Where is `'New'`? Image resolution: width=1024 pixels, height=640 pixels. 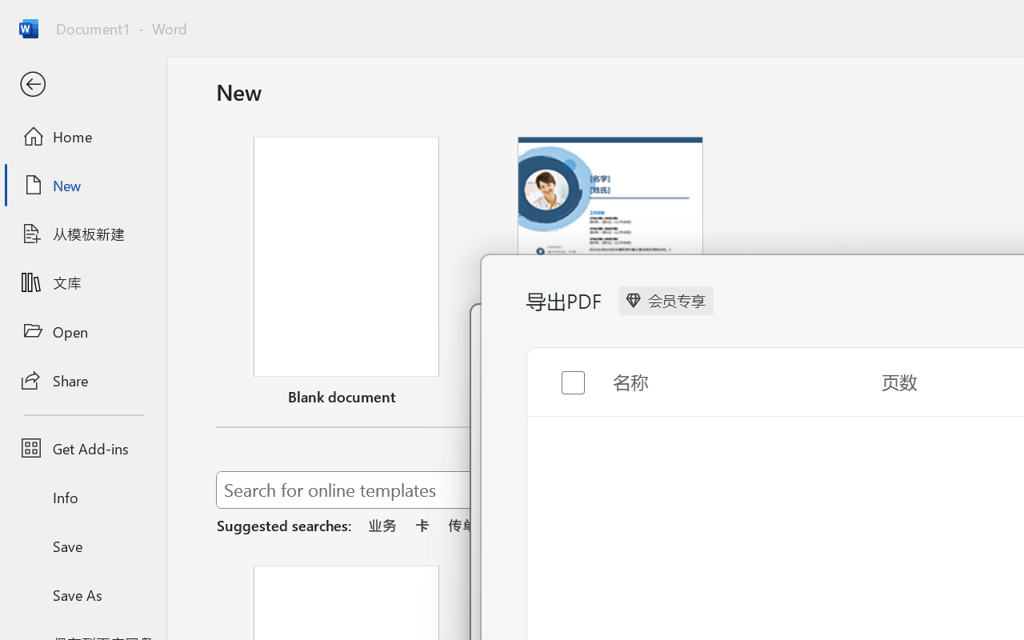 'New' is located at coordinates (82, 185).